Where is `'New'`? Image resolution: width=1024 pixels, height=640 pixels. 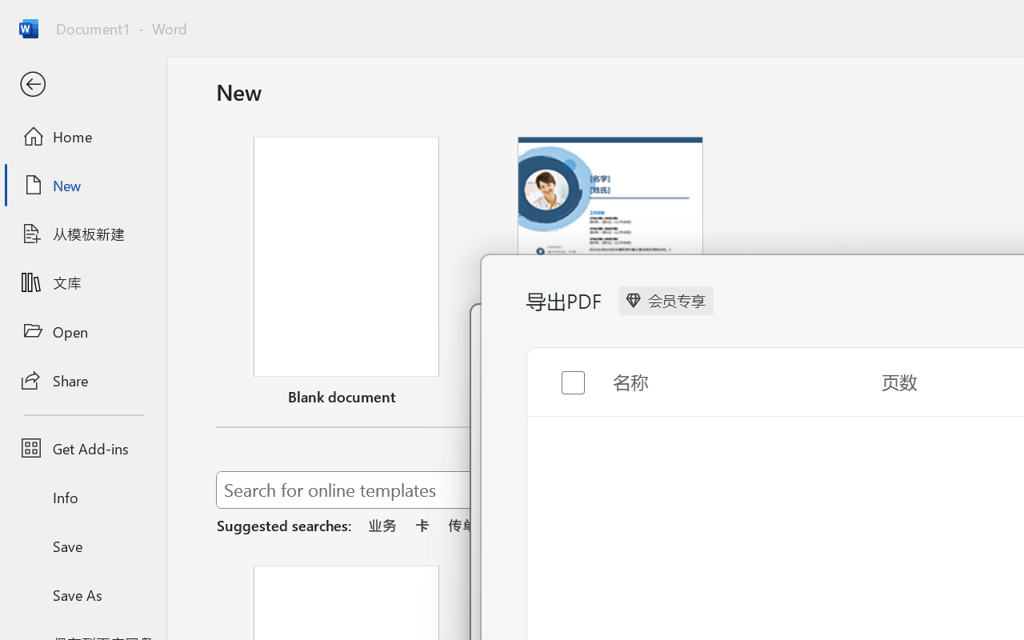 'New' is located at coordinates (82, 185).